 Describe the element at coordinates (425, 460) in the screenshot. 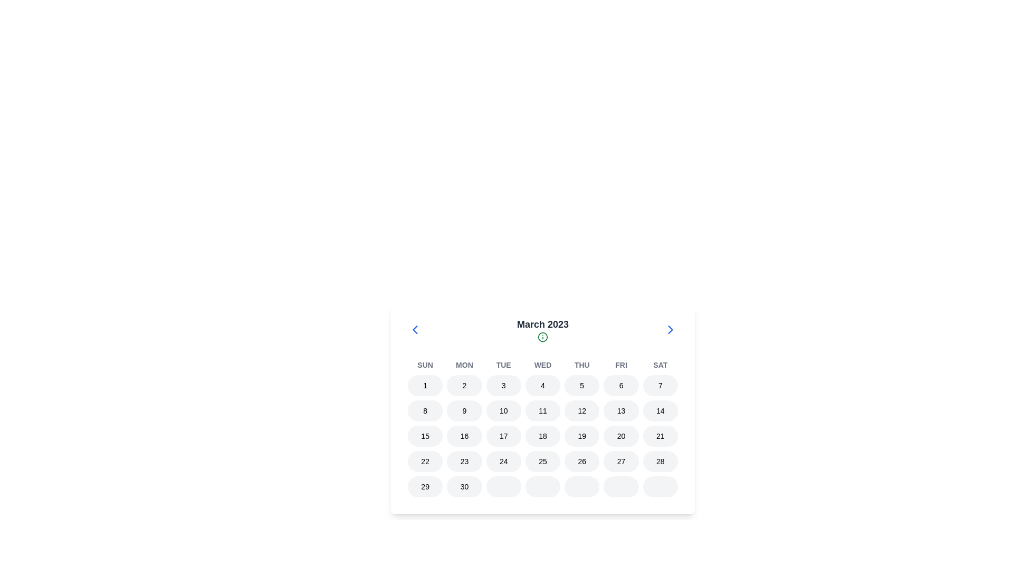

I see `the static display element representing the 22nd day of the month in the calendar layout, located at the far left end of the displayed week` at that location.